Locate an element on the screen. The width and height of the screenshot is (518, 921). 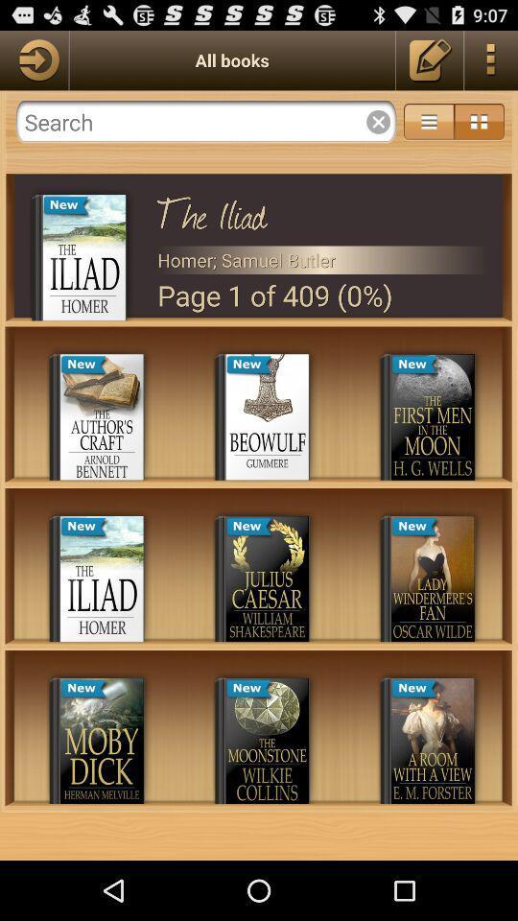
more options is located at coordinates (429, 121).